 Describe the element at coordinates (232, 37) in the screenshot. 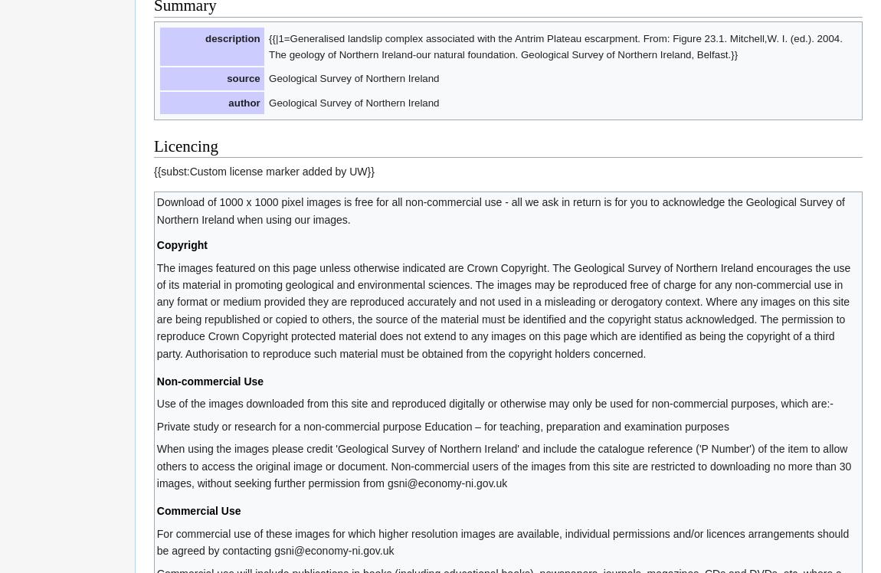

I see `'description'` at that location.